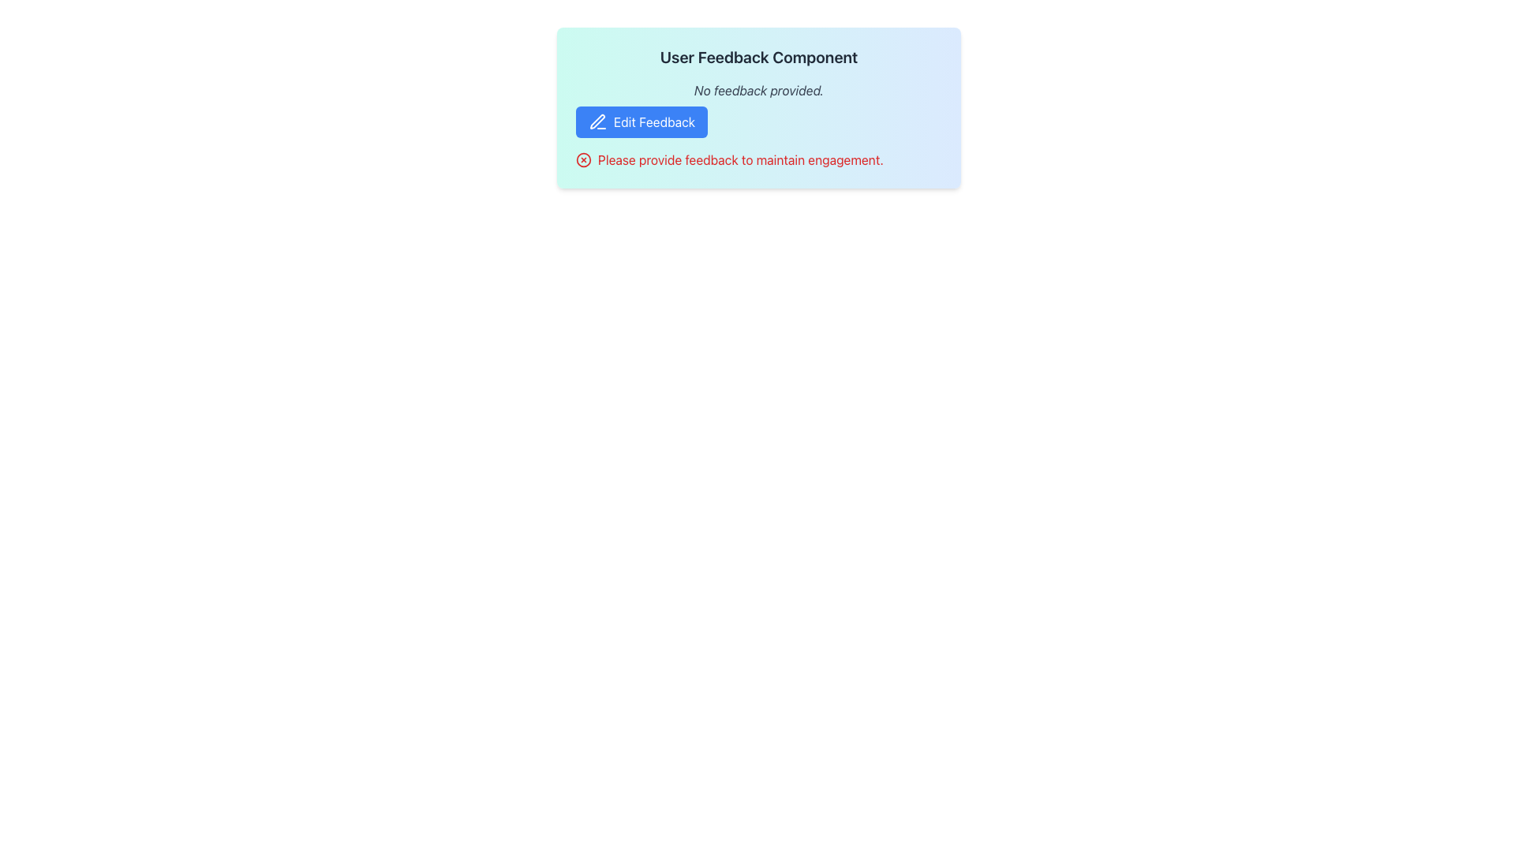 The image size is (1515, 852). I want to click on the outer circular outline of the warning icon located below the text 'Please provide feedback to maintain engagement.', so click(582, 160).